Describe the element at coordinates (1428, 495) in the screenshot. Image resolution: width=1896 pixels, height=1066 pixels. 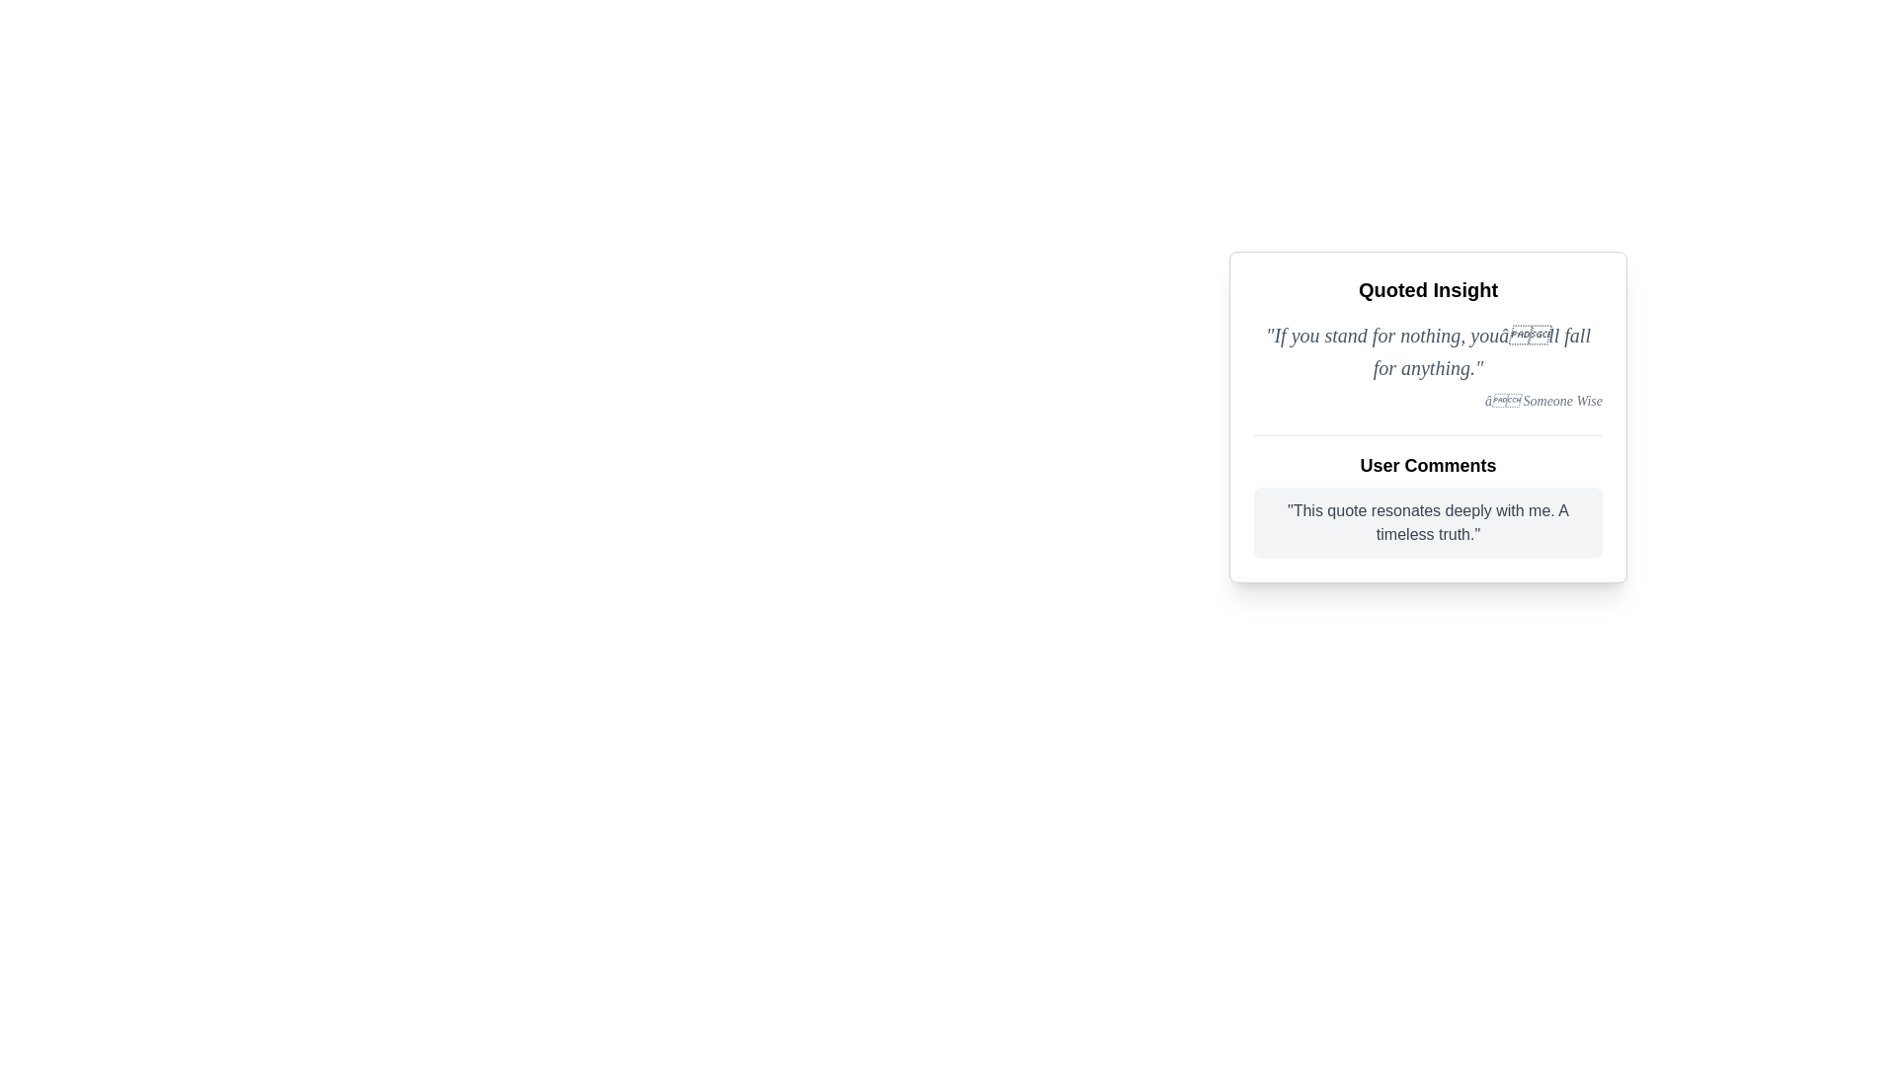
I see `comment displayed in the Text Display Section positioned beneath the 'Quoted Insight' content` at that location.